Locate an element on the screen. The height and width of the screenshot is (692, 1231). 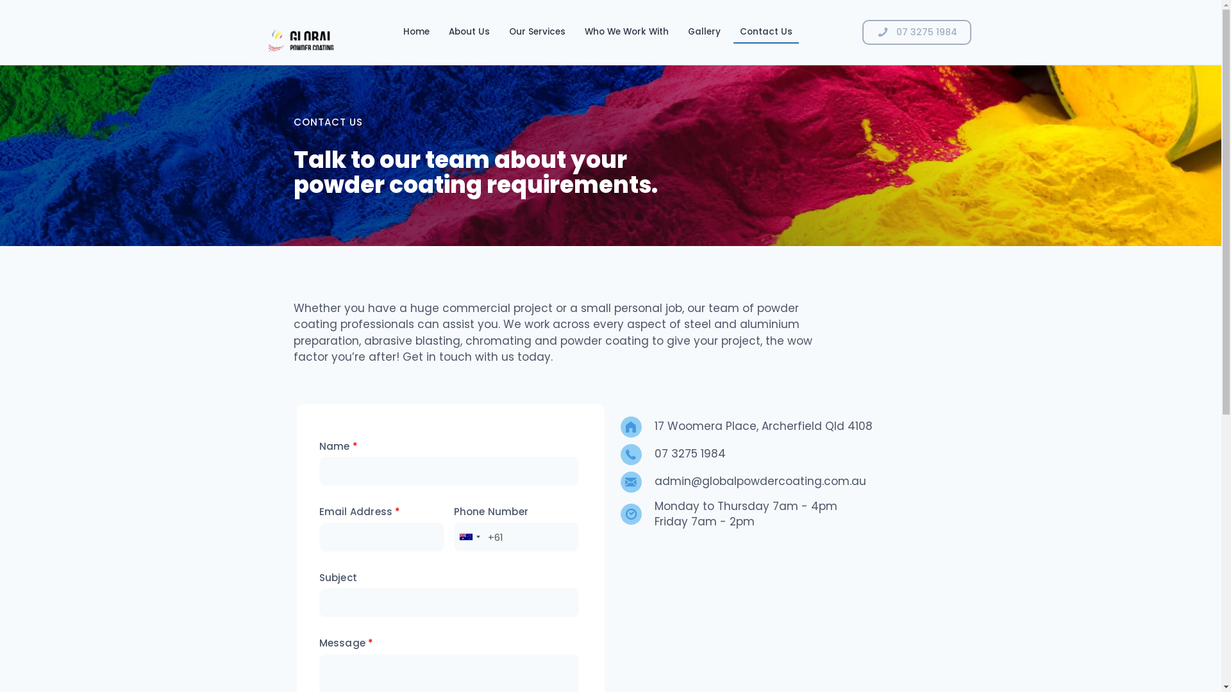
'Our Services' is located at coordinates (537, 31).